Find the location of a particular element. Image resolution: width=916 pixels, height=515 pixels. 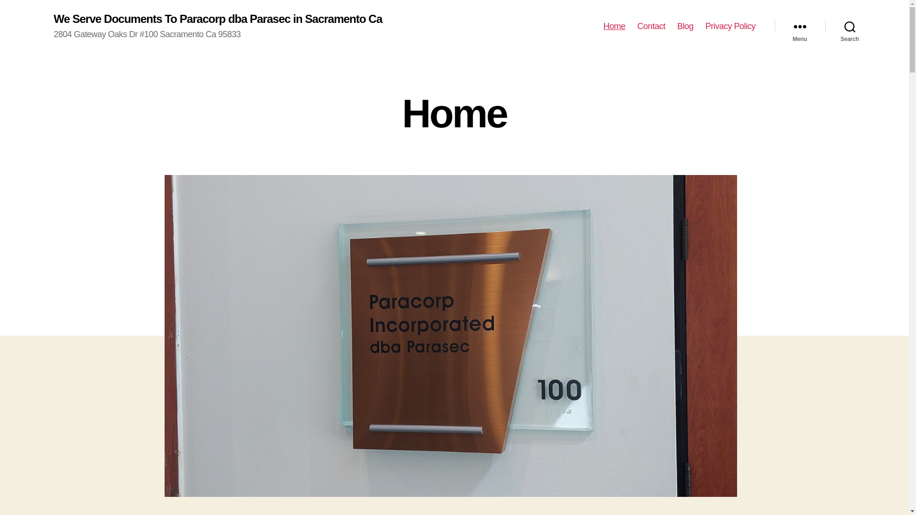

'Blog' is located at coordinates (684, 26).